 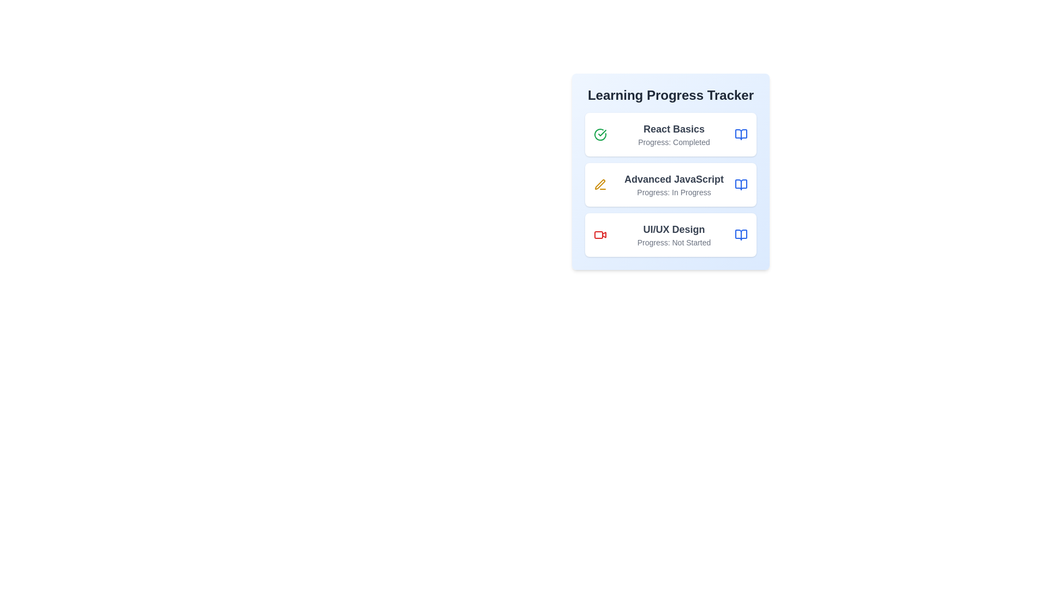 I want to click on the progress icon for UI/UX Design, so click(x=599, y=235).